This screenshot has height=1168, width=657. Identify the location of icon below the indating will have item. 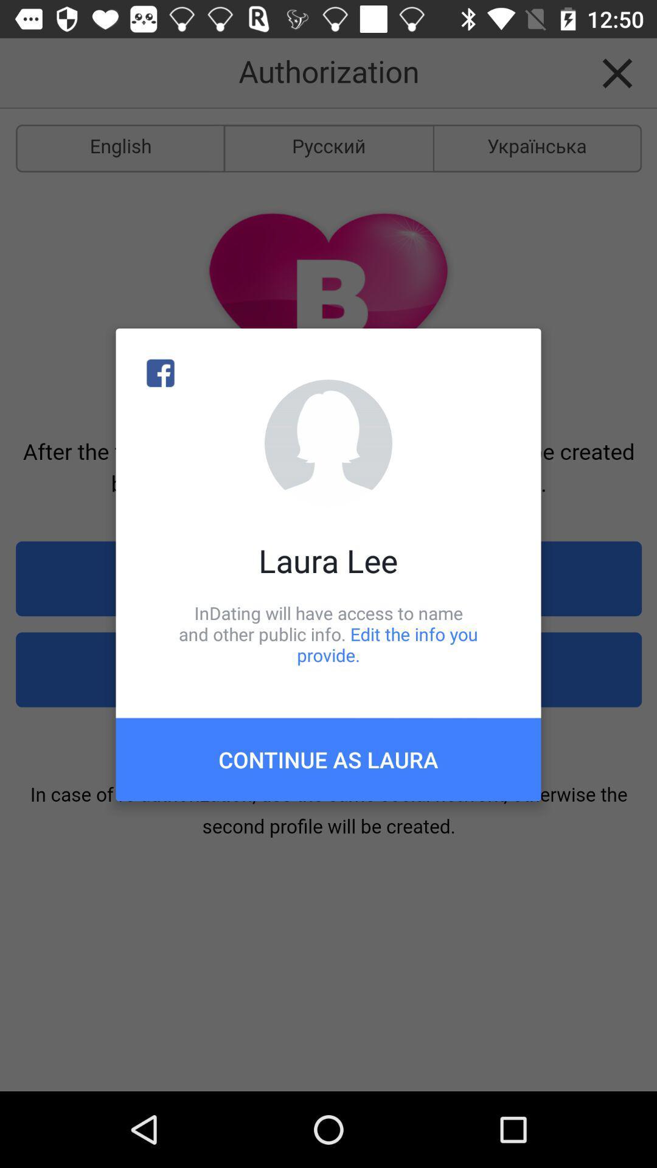
(328, 759).